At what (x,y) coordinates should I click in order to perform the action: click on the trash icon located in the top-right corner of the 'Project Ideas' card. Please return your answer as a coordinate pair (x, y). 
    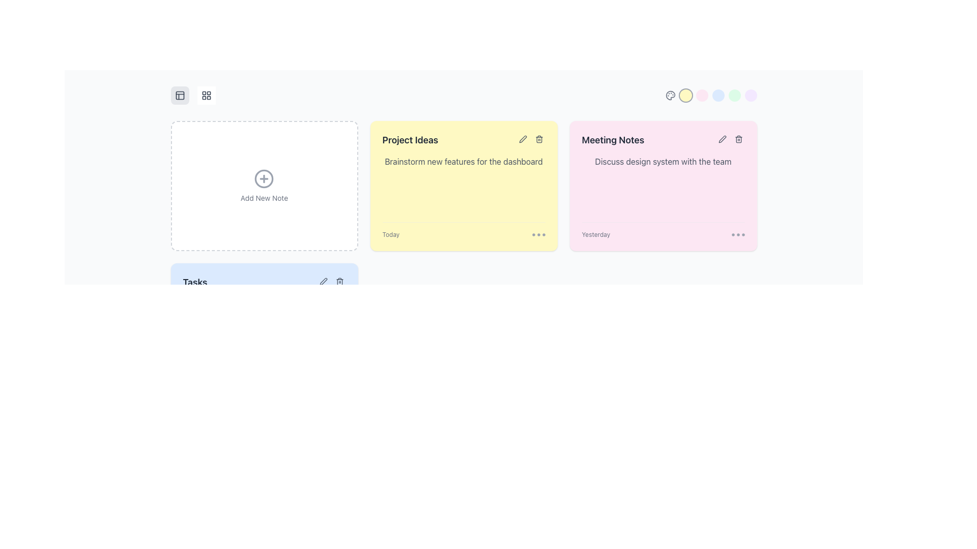
    Looking at the image, I should click on (538, 139).